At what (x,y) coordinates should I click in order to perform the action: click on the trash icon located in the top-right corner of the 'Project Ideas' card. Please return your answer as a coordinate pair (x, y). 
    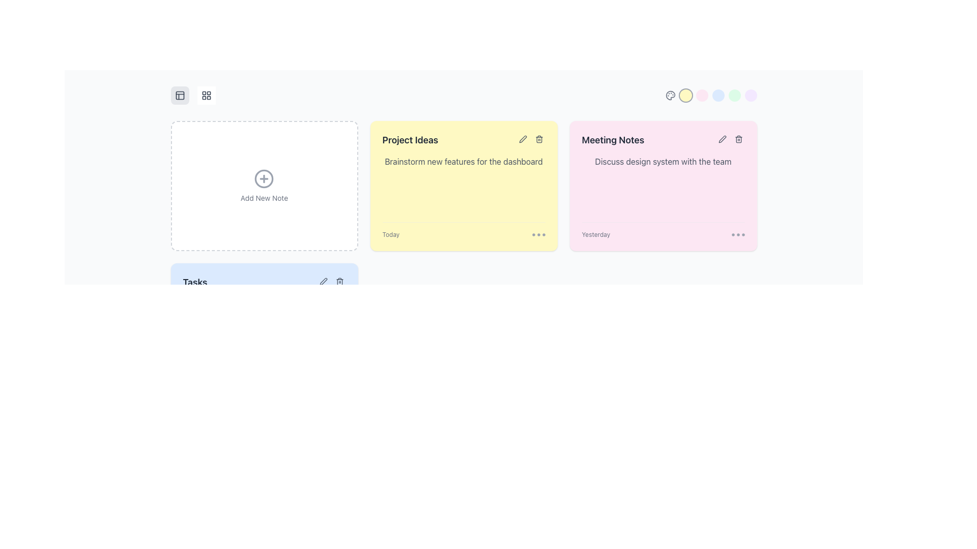
    Looking at the image, I should click on (538, 139).